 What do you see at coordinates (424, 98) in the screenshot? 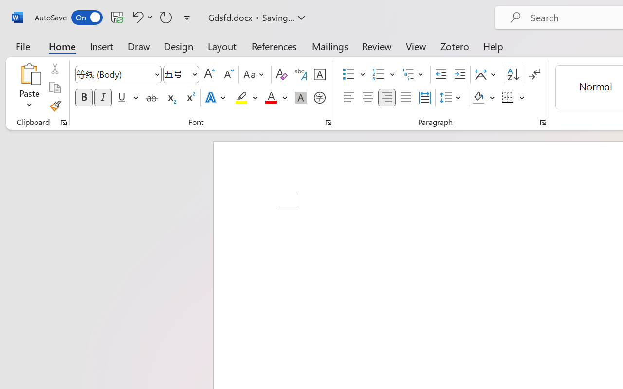
I see `'Distributed'` at bounding box center [424, 98].